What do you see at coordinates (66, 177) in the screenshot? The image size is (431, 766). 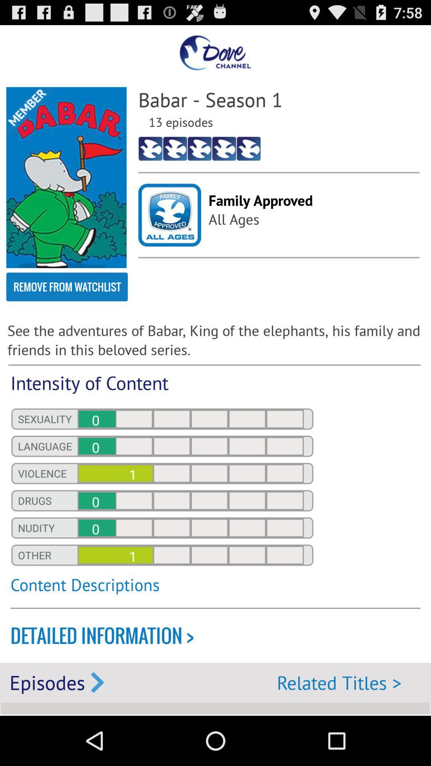 I see `icon above remove from watchlist app` at bounding box center [66, 177].